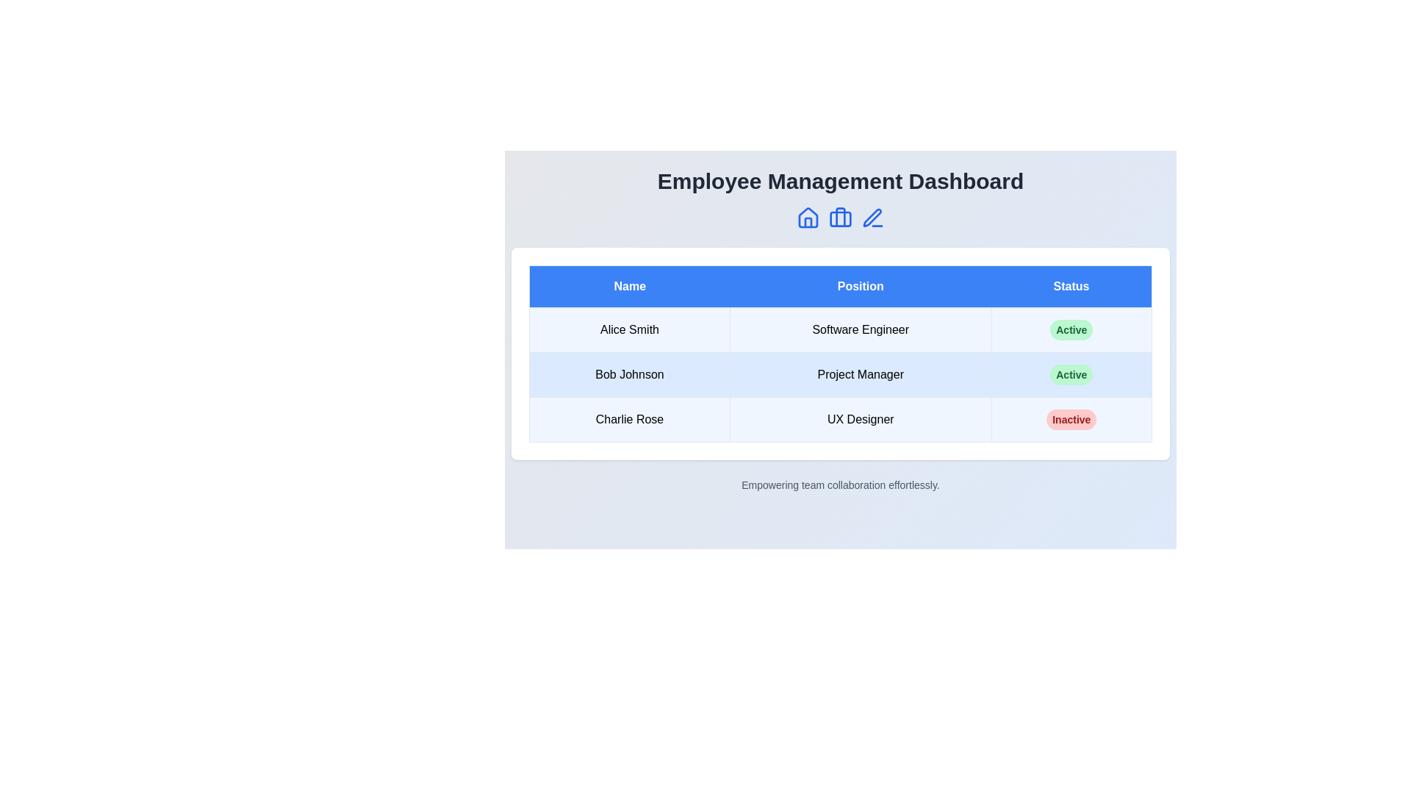 This screenshot has width=1411, height=794. What do you see at coordinates (840, 218) in the screenshot?
I see `the middle icon in the horizontal trio located below the 'Employee Management Dashboard' heading` at bounding box center [840, 218].